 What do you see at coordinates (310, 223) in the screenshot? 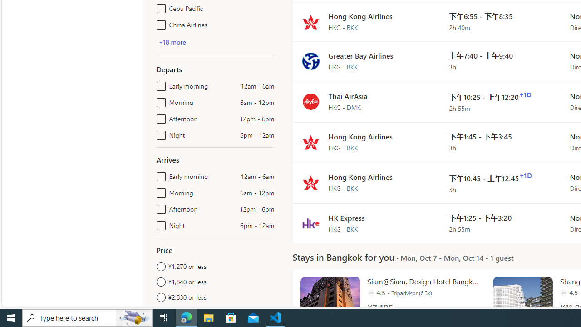
I see `'Flight logo'` at bounding box center [310, 223].